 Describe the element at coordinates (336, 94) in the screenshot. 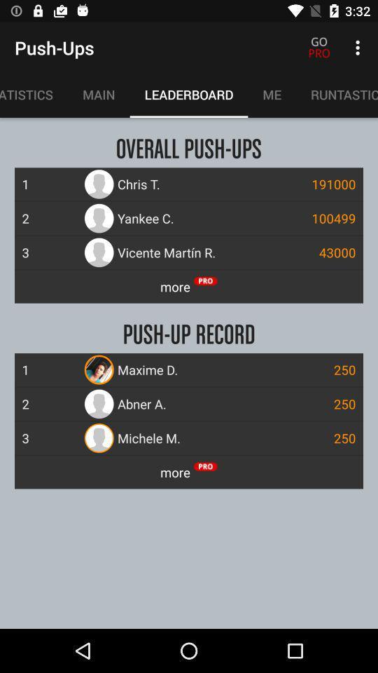

I see `icon next to me icon` at that location.